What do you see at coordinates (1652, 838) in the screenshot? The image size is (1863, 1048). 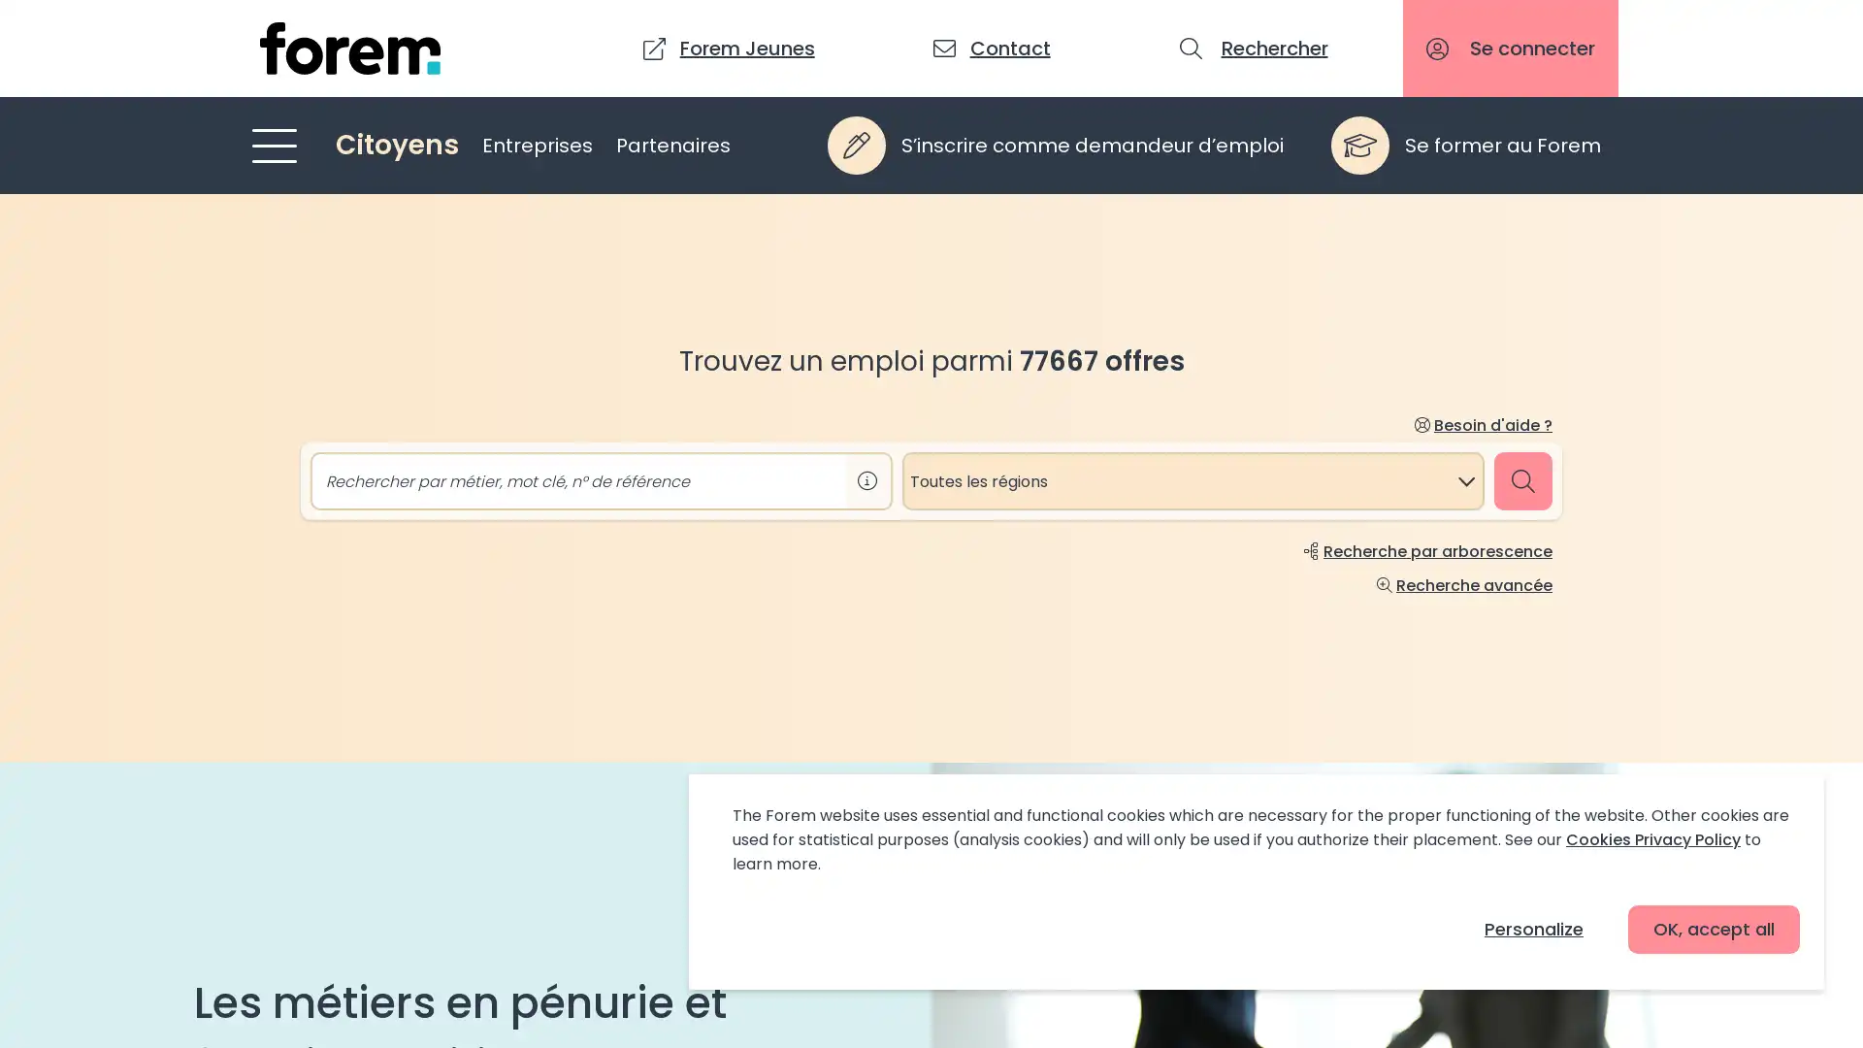 I see `Cookies Privacy Policy` at bounding box center [1652, 838].